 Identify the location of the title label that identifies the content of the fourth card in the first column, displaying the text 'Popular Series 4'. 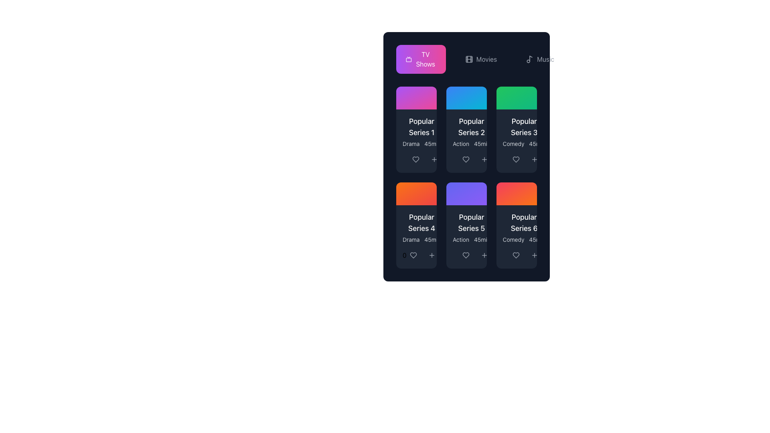
(421, 223).